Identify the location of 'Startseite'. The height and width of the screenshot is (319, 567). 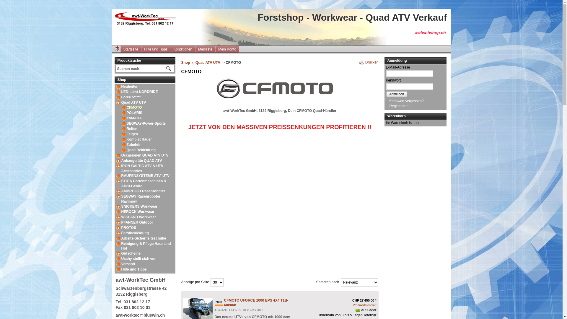
(132, 49).